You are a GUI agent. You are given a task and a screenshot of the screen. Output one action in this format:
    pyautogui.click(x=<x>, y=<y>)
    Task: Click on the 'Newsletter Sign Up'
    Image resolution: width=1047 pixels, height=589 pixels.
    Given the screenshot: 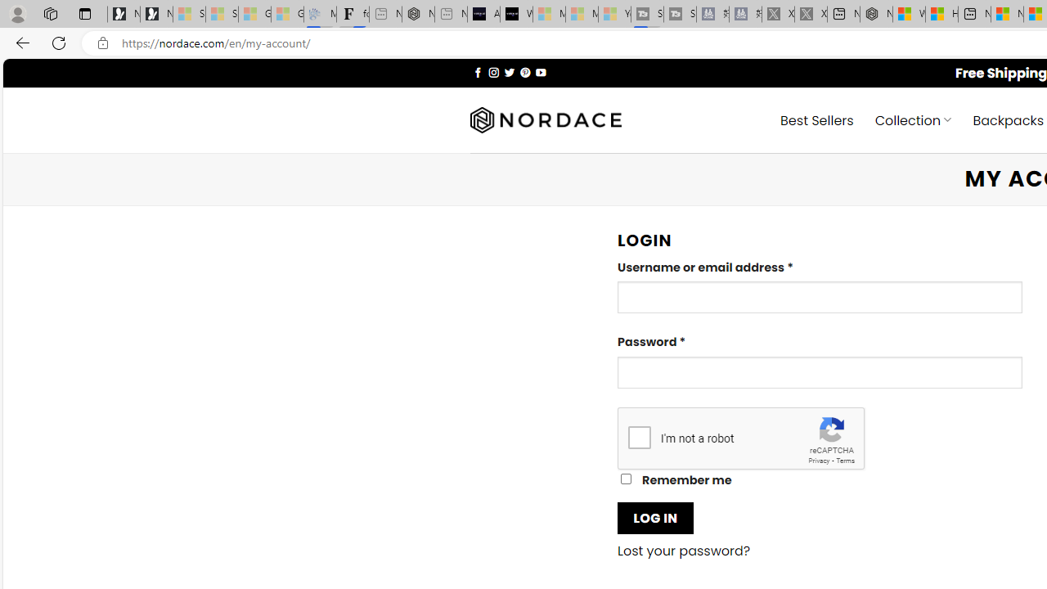 What is the action you would take?
    pyautogui.click(x=156, y=14)
    